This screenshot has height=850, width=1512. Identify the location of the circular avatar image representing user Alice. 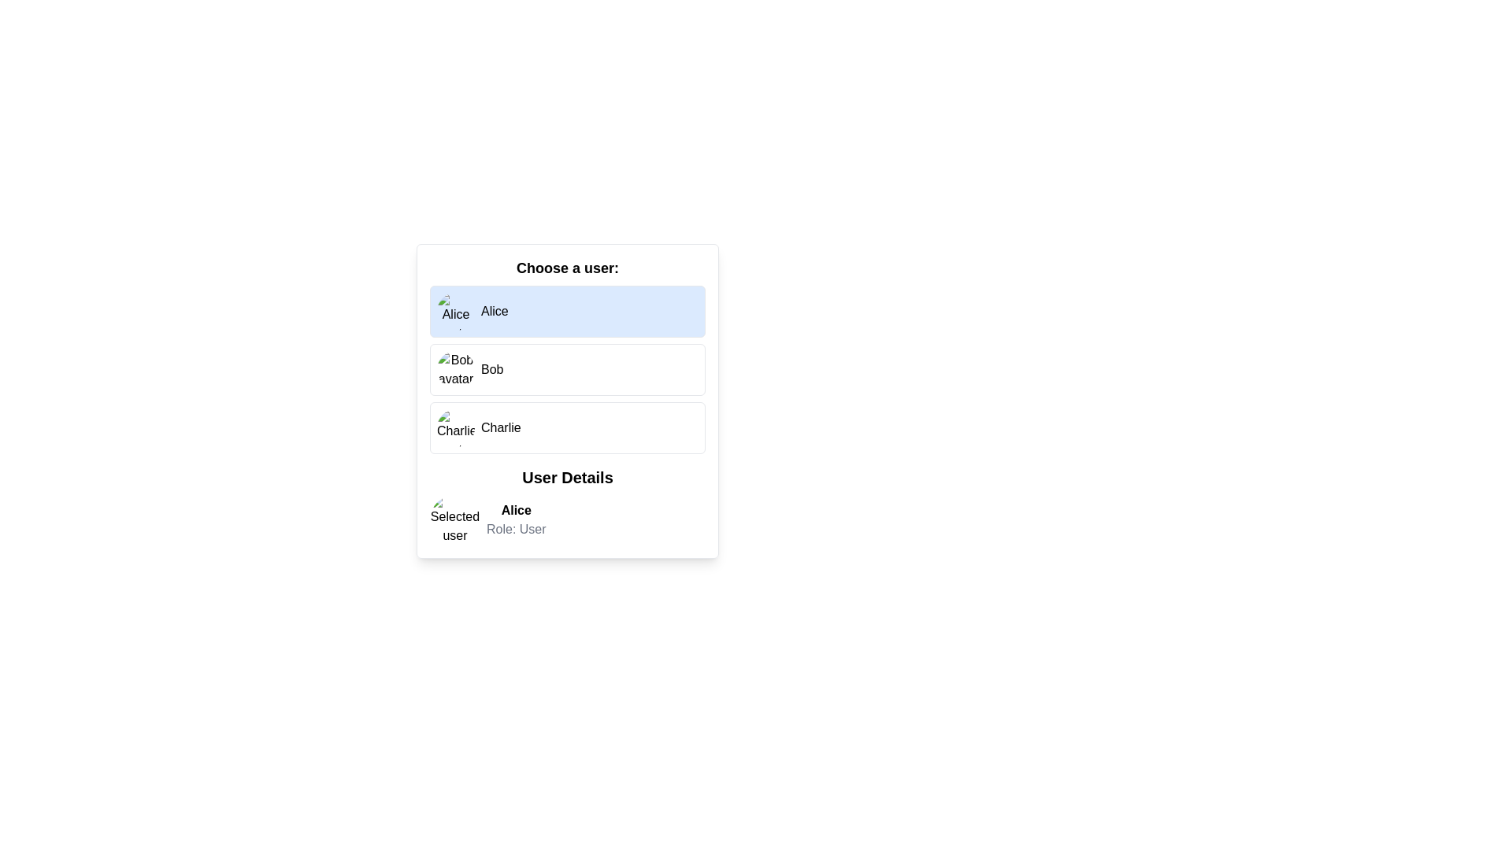
(455, 312).